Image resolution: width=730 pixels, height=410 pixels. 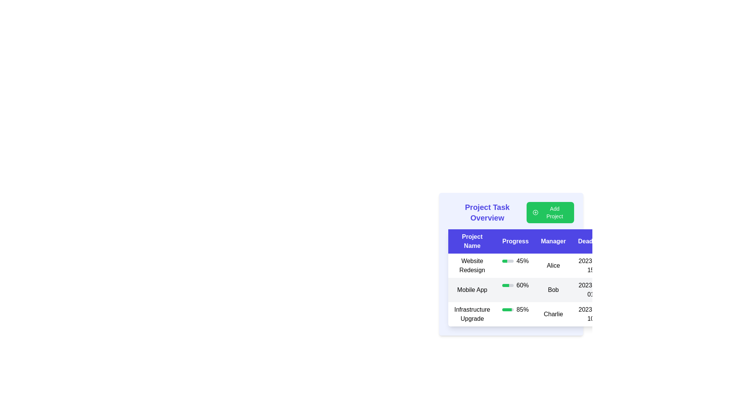 I want to click on the text label displaying the deadline or date, located in the fourth column of the table row after the cell showing 'Alice', so click(x=590, y=265).